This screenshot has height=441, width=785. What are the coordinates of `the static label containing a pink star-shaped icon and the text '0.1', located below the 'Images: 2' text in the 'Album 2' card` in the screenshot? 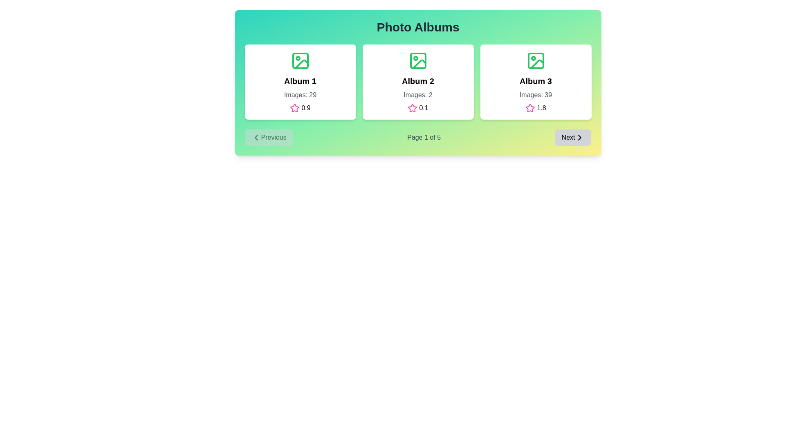 It's located at (418, 108).